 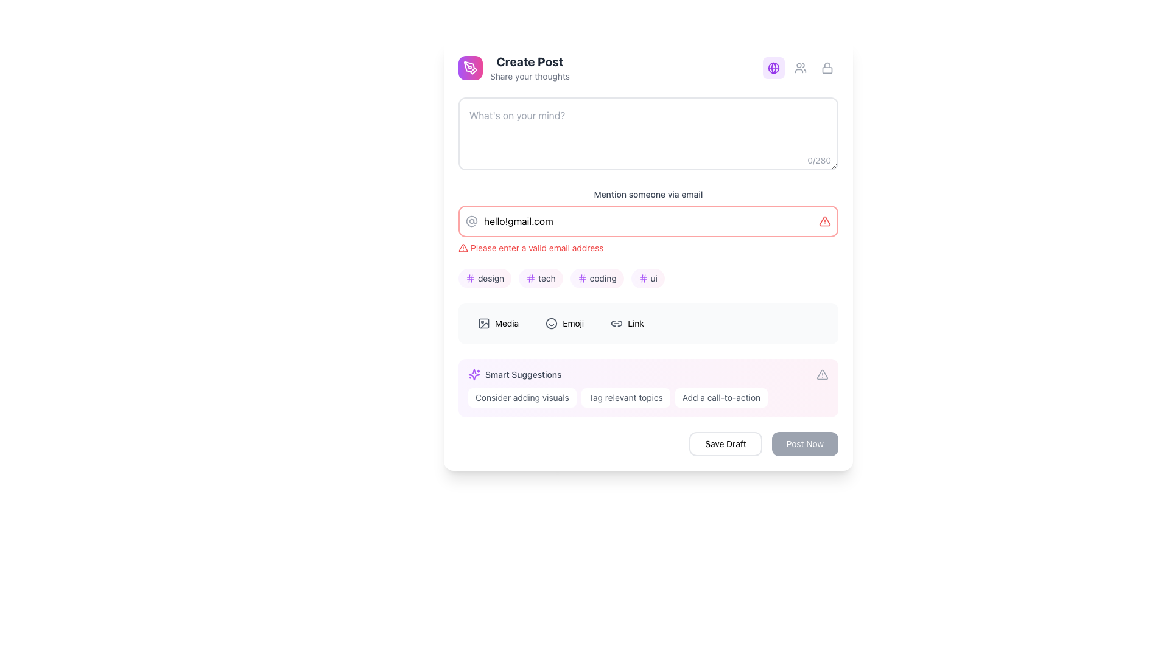 What do you see at coordinates (648, 398) in the screenshot?
I see `the text button 'Tag relevant topics' in the Suggestion Panel, which is part of the Smart Suggestions section with a purple gradient background` at bounding box center [648, 398].